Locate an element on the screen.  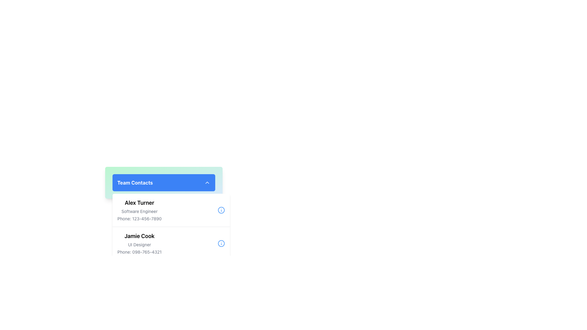
displayed text of the Text Label indicating the job title of 'Alex Turner', located below the name and above the phone number in the 'Team Contacts' section is located at coordinates (139, 211).